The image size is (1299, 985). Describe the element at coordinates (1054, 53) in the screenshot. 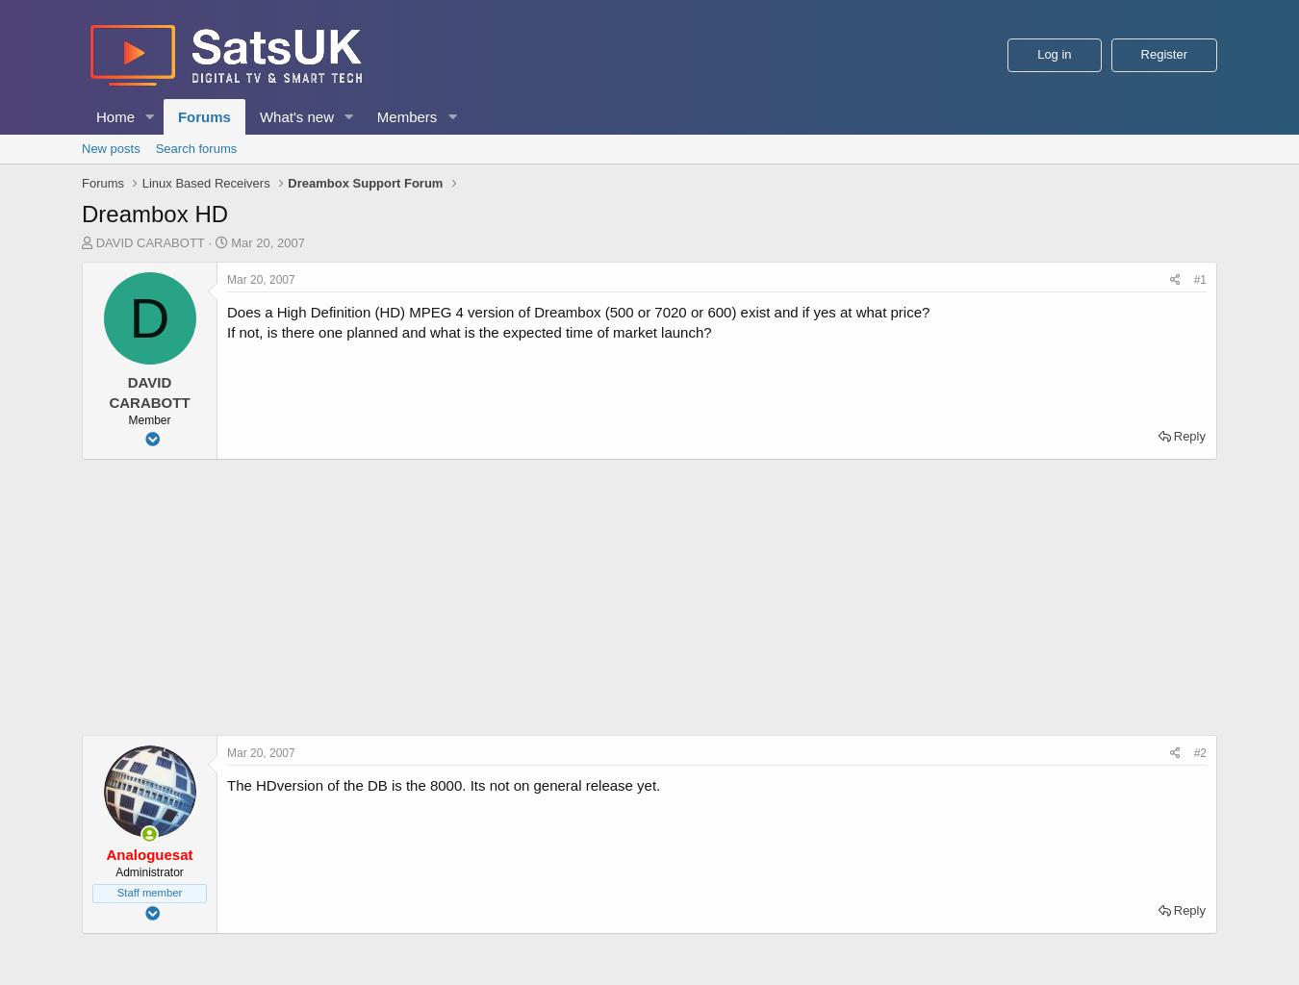

I see `'Log in'` at that location.